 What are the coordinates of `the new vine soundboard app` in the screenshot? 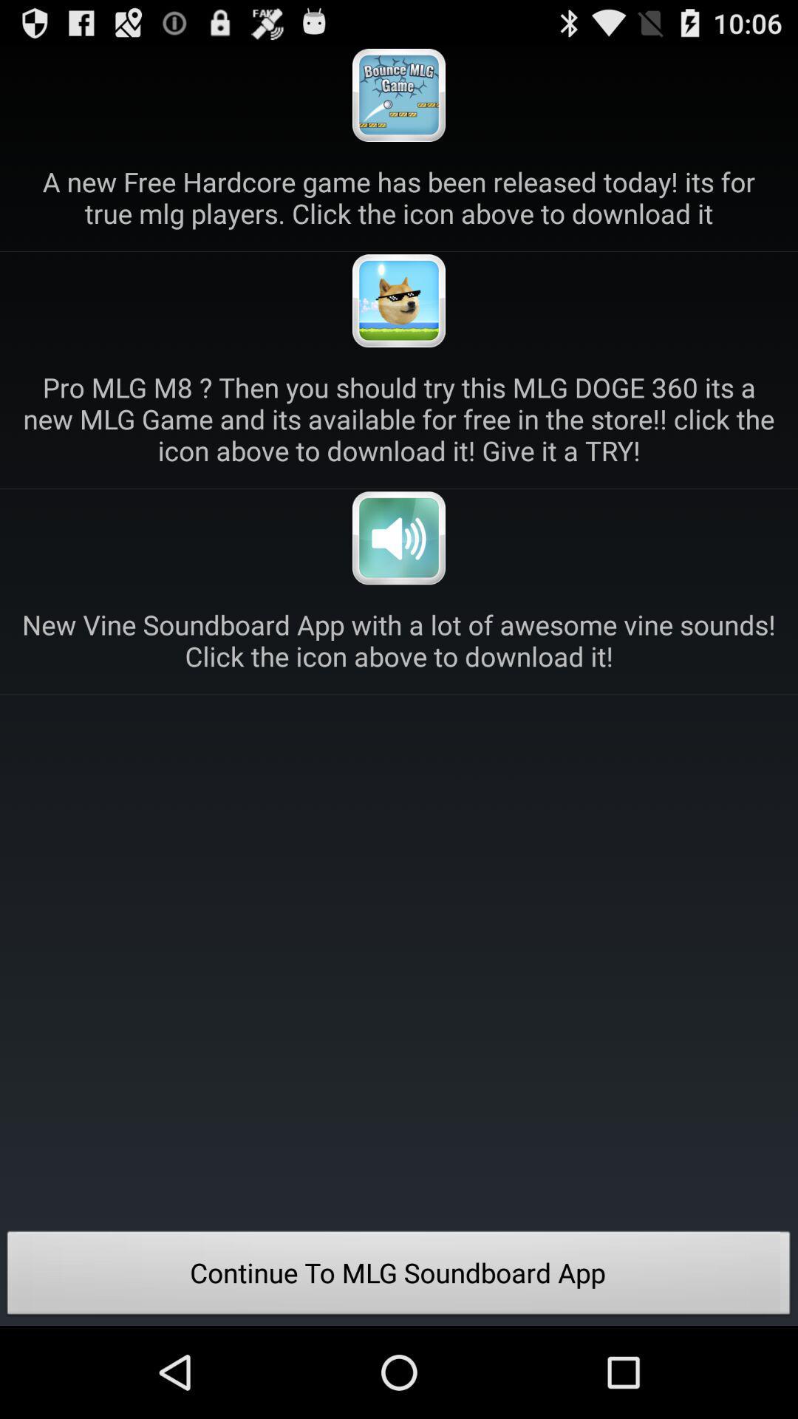 It's located at (399, 640).